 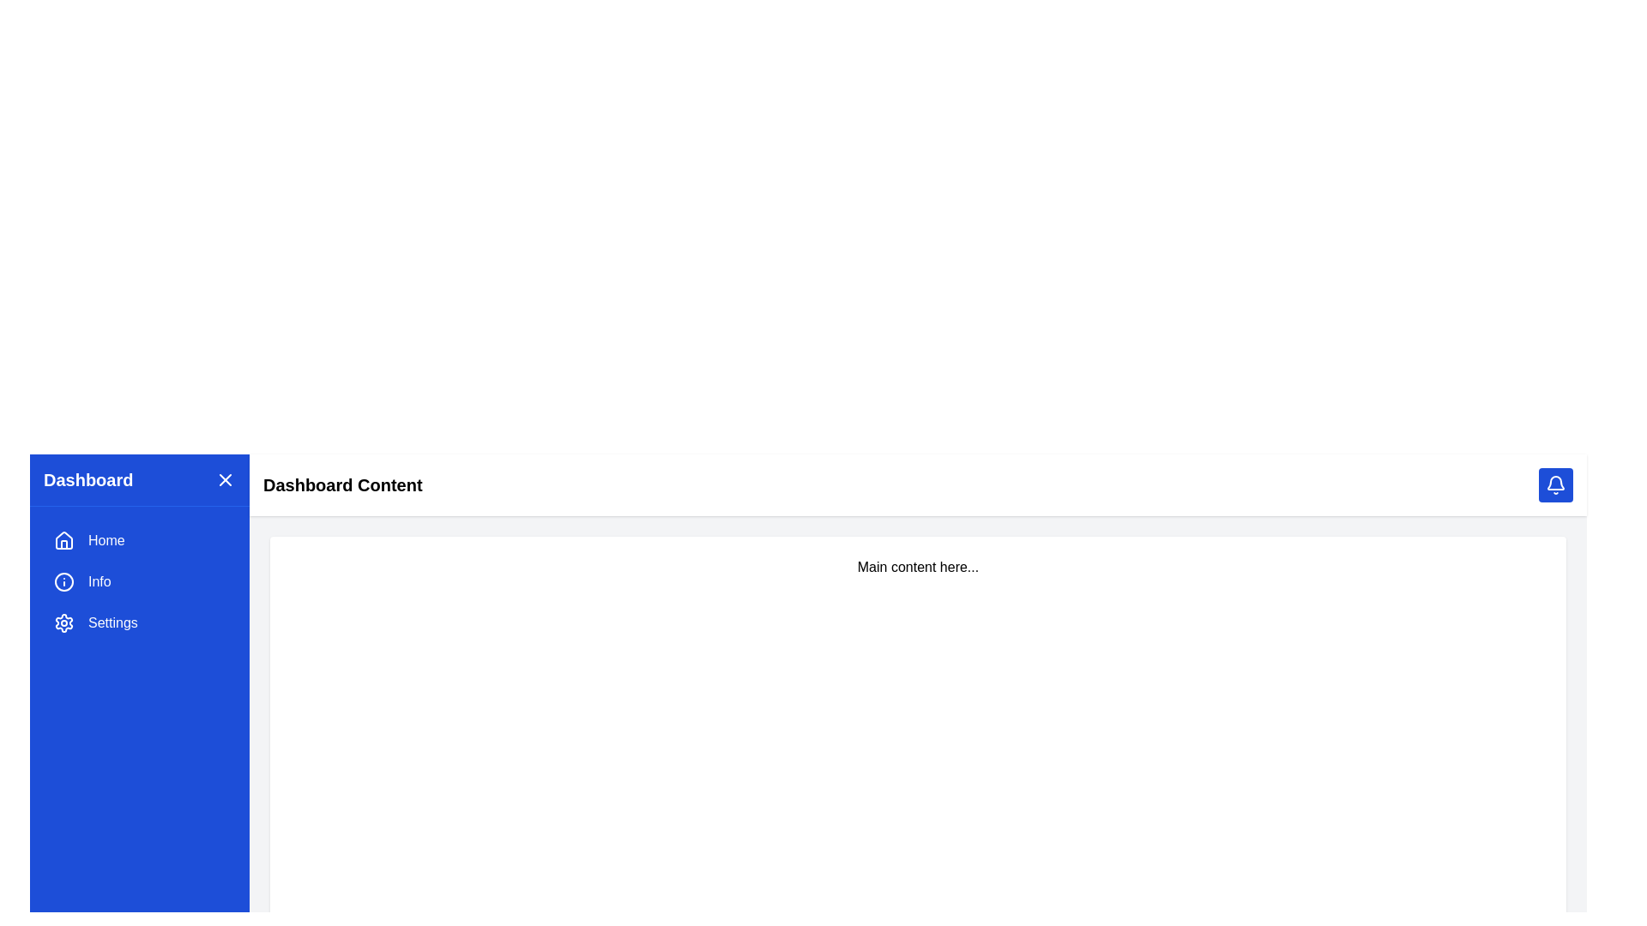 What do you see at coordinates (140, 541) in the screenshot?
I see `the navigation button leading to the 'Home' section, located in the vertical list on the left sidebar above 'Info' and 'Settings'` at bounding box center [140, 541].